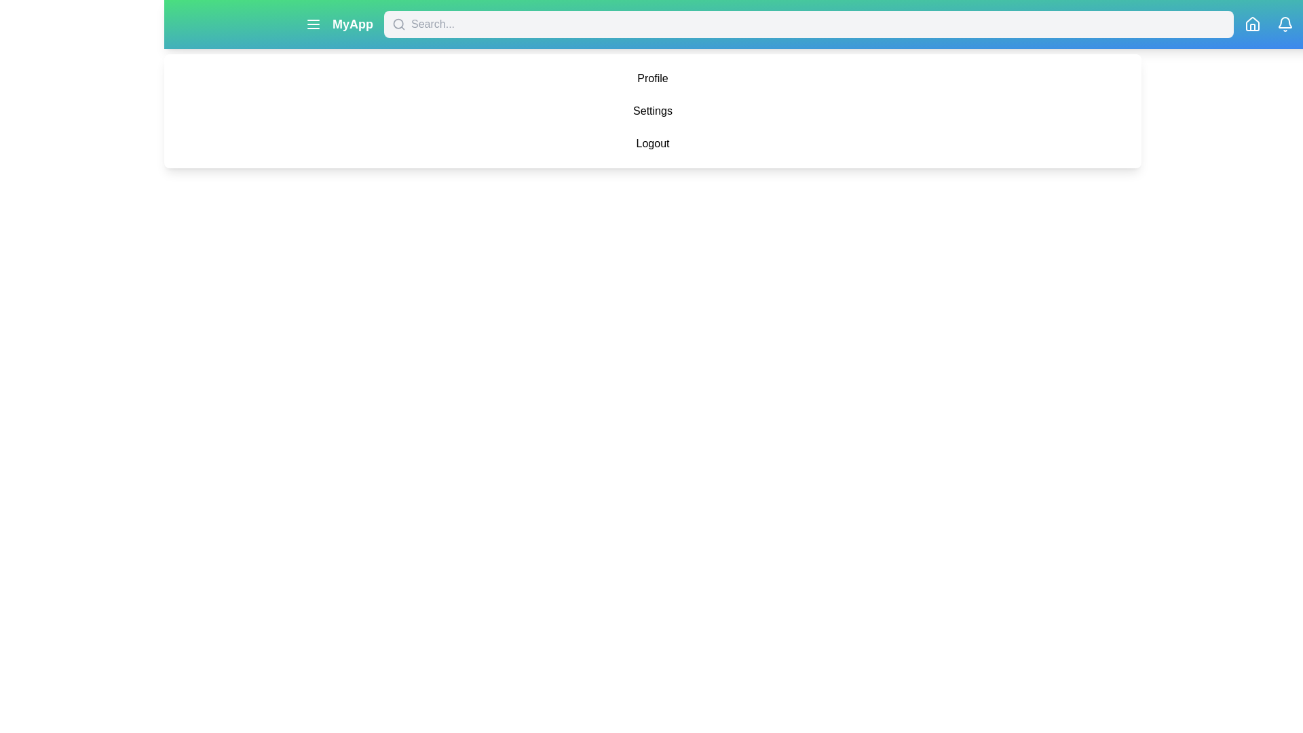 The height and width of the screenshot is (733, 1303). I want to click on text label that identifies the application name, located in the top navigation bar to the right of the menu icon and to the left of the search field, so click(339, 24).